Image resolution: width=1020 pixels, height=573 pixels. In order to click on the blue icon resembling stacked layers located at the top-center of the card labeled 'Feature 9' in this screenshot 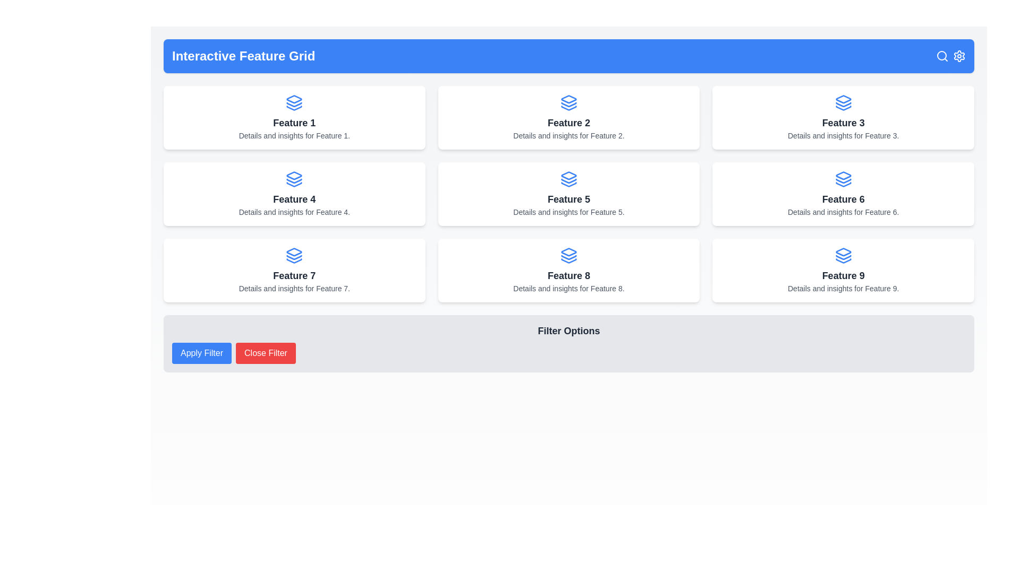, I will do `click(843, 256)`.